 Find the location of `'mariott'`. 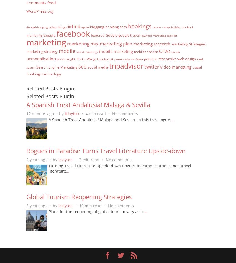

'mariott' is located at coordinates (172, 35).